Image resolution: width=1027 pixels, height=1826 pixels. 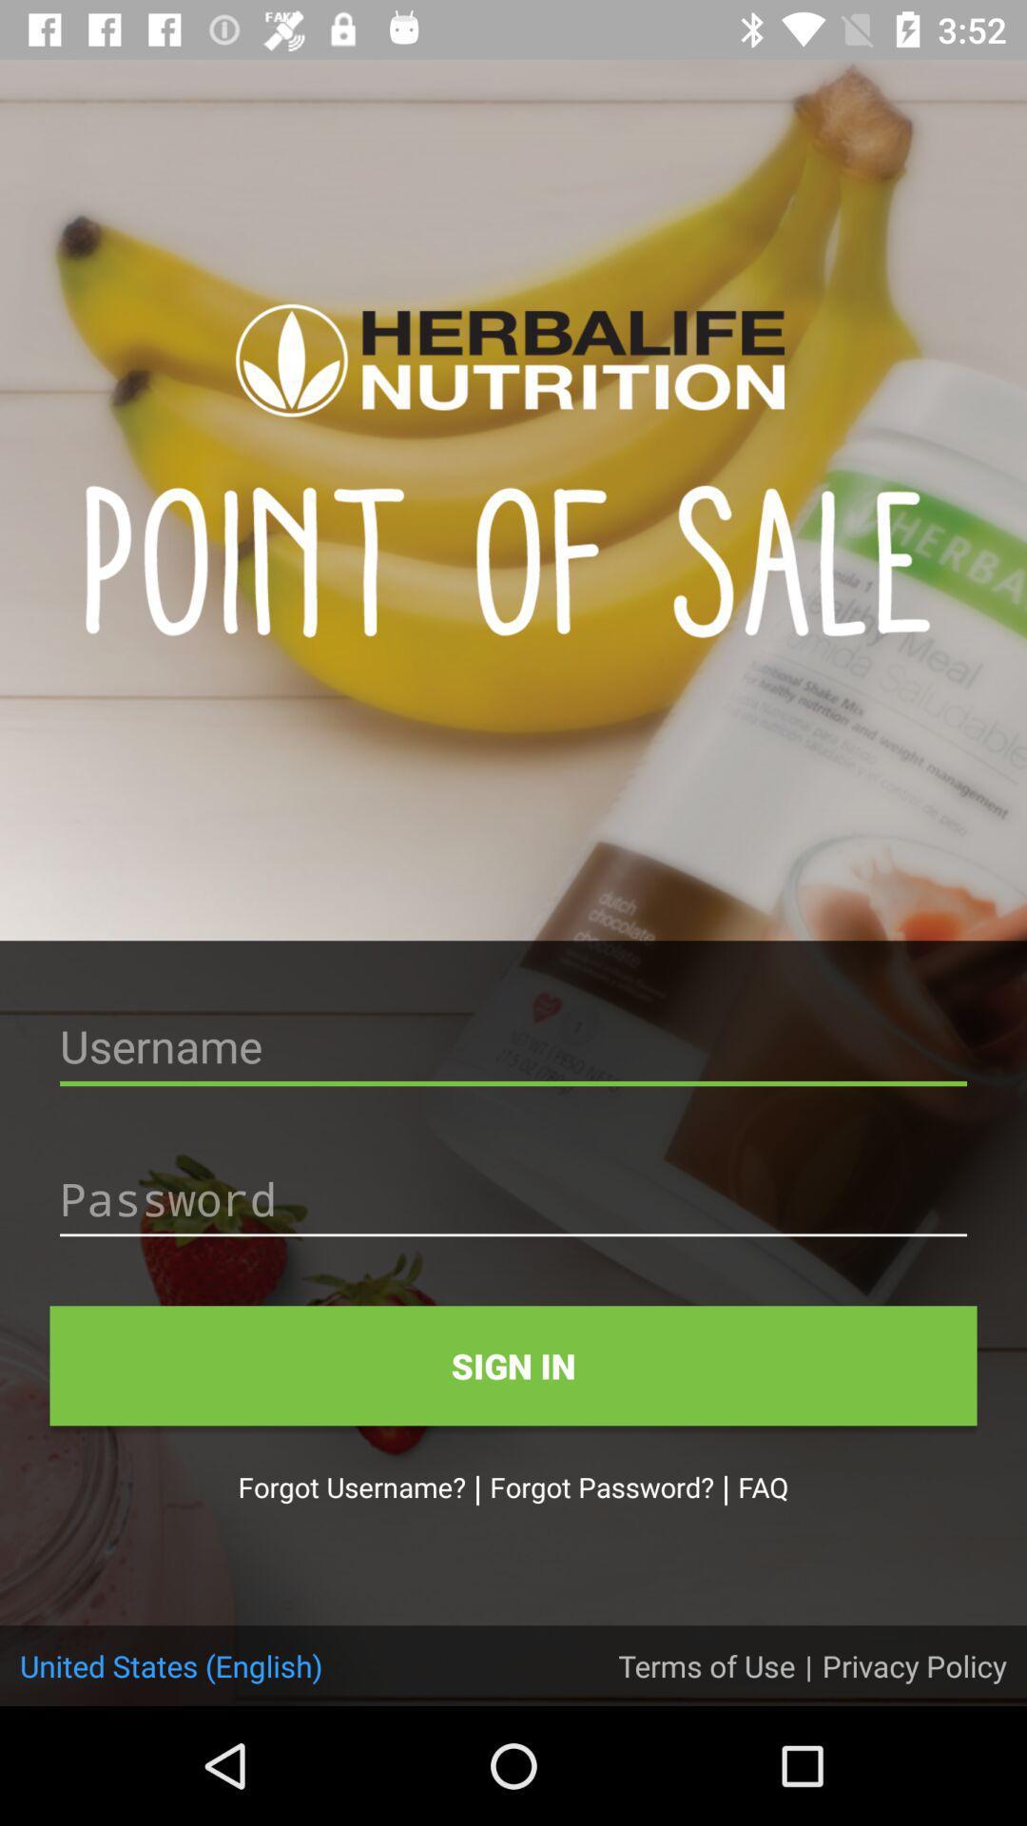 I want to click on terms of use item, so click(x=707, y=1664).